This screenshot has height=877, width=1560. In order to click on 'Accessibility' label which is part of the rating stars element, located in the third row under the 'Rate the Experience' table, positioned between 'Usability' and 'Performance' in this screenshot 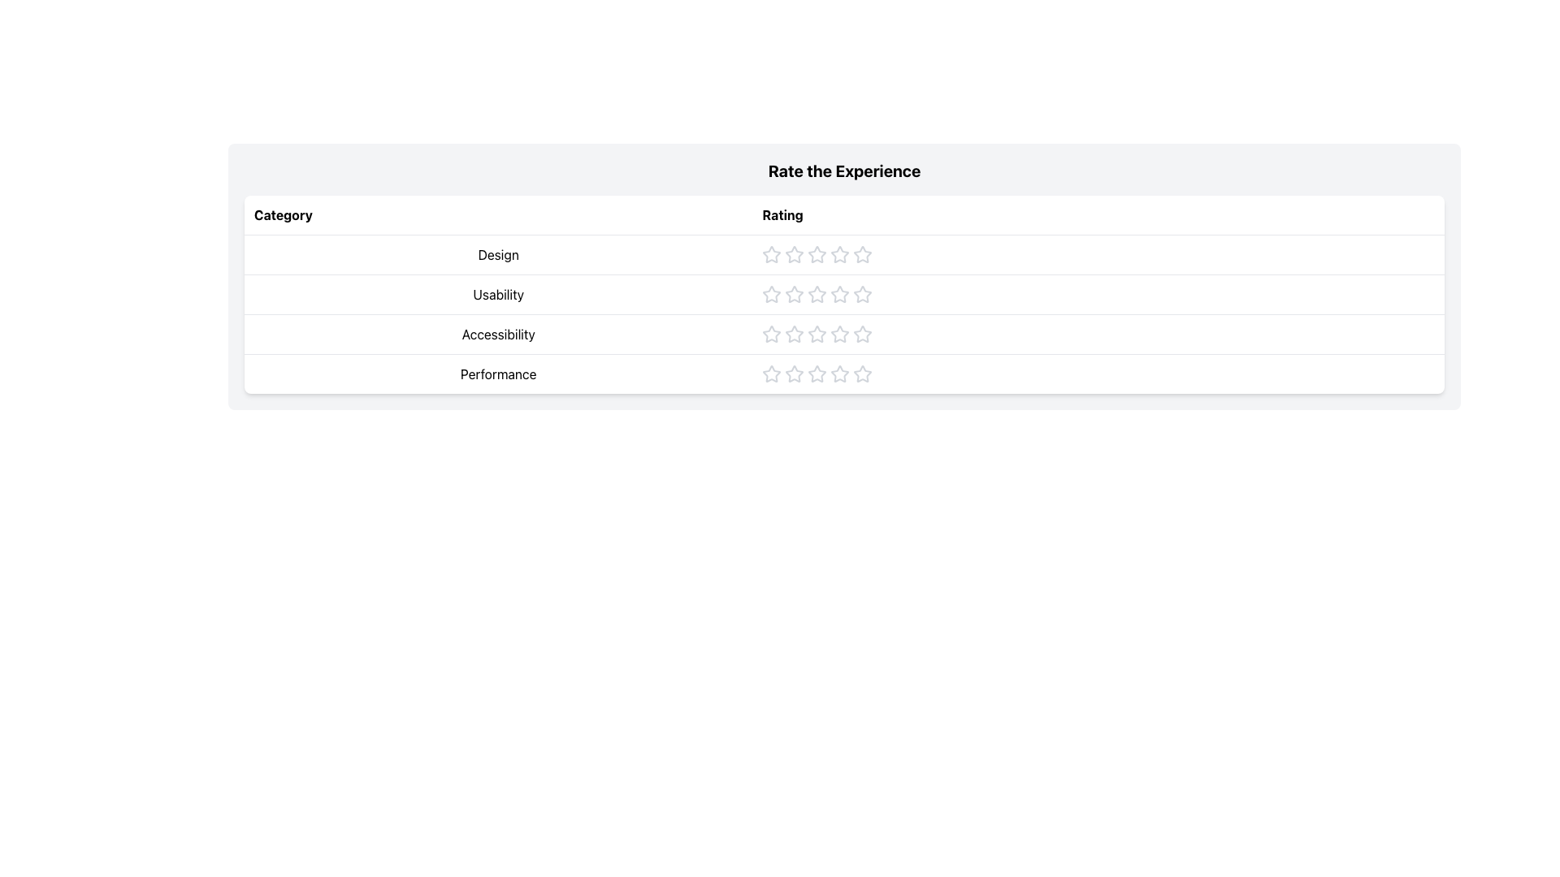, I will do `click(844, 334)`.